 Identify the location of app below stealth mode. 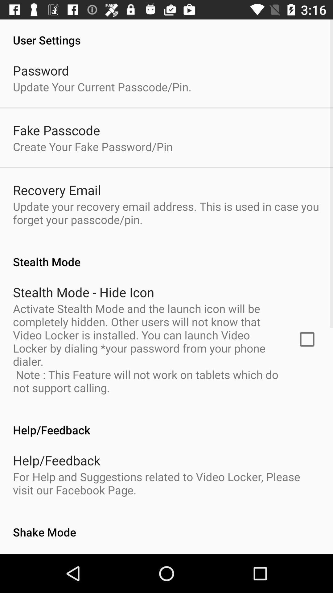
(307, 339).